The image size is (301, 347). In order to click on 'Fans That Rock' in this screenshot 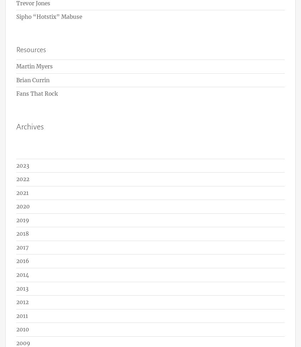, I will do `click(36, 94)`.